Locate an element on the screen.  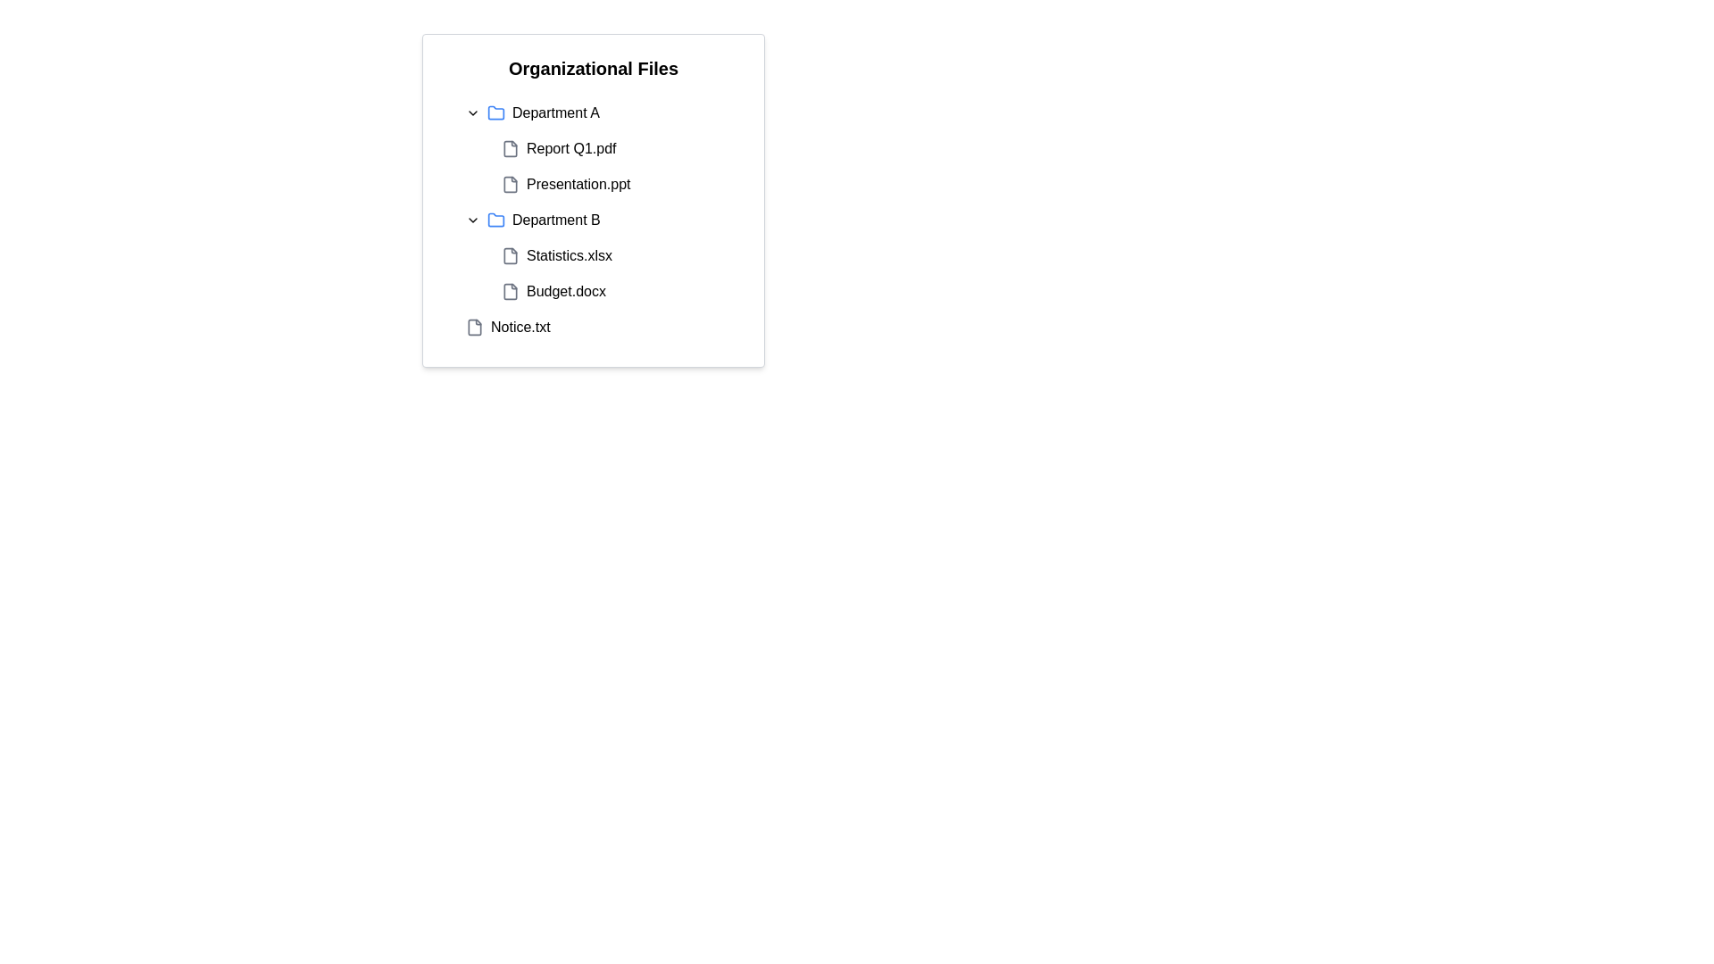
the downward chevron icon indicating the expand/collapse functionality for the 'Department B' folder is located at coordinates (472, 219).